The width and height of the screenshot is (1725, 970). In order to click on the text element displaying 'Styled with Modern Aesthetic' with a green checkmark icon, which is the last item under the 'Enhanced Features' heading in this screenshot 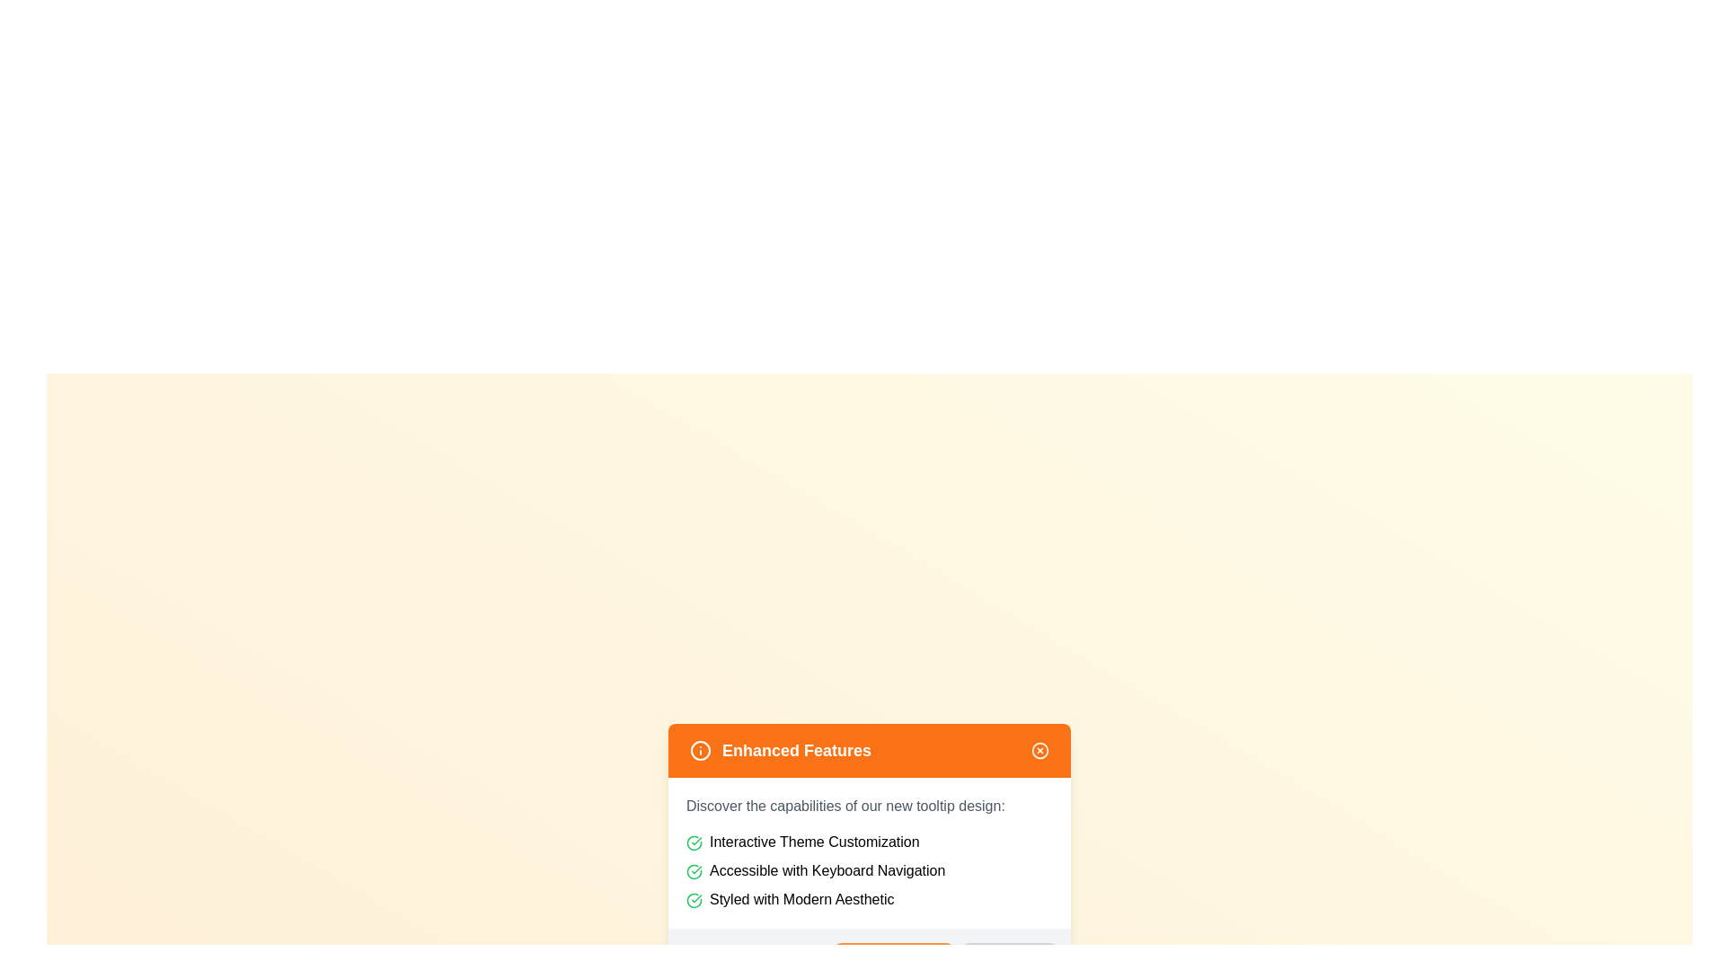, I will do `click(870, 900)`.